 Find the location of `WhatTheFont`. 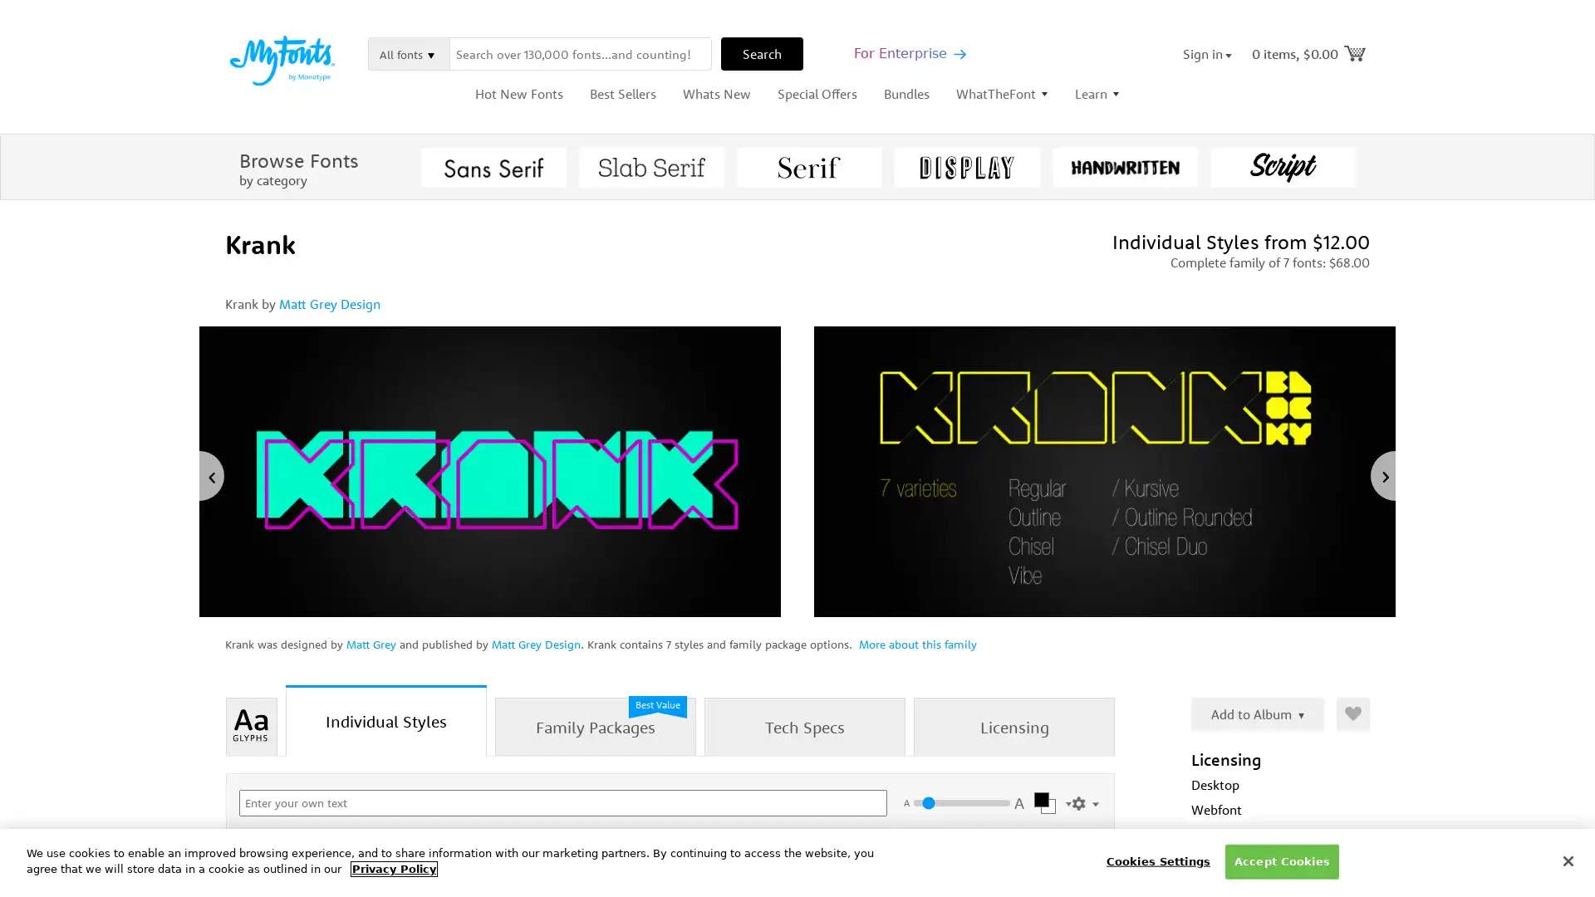

WhatTheFont is located at coordinates (1001, 93).